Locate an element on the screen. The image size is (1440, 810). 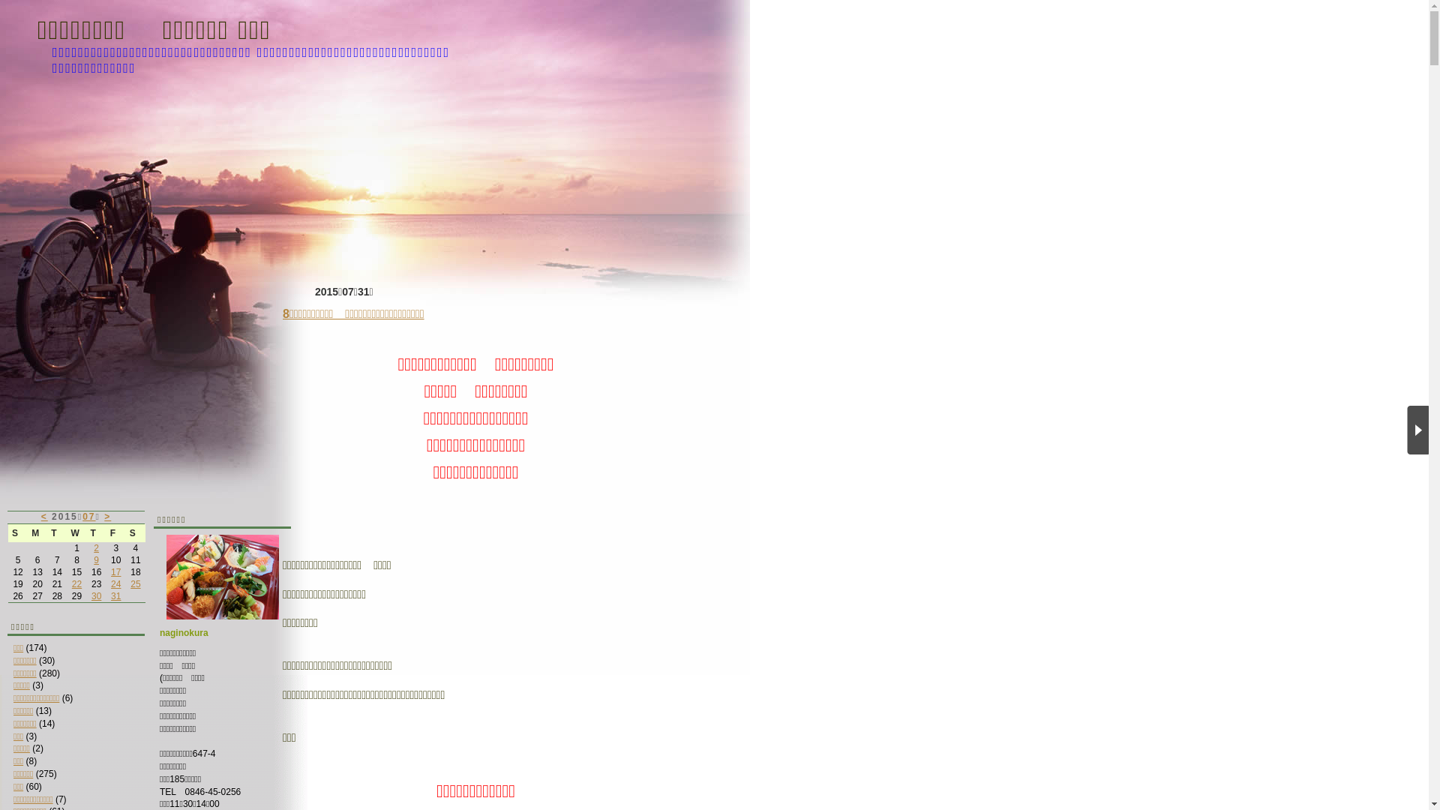
'22' is located at coordinates (76, 583).